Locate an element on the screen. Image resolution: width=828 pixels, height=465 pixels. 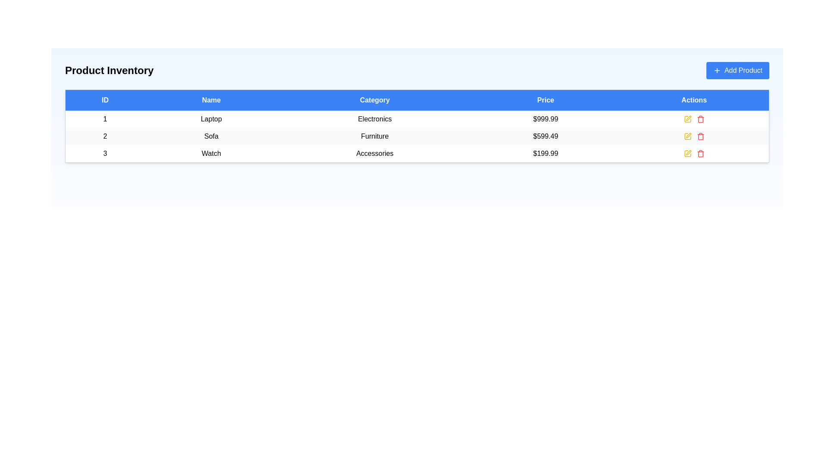
the price text displaying the cost of the item 'Sofa' in the second row of the product table for copy-pasting is located at coordinates (545, 136).